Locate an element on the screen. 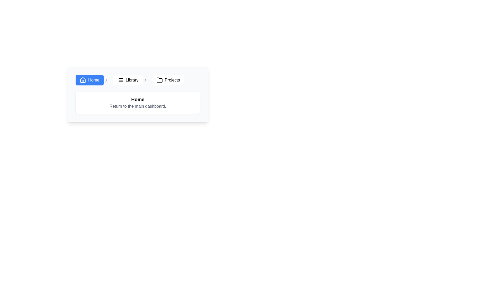 The image size is (504, 283). the 'Projects' icon located in the navigation bar, positioned to the immediate left of the 'Projects' label is located at coordinates (159, 80).